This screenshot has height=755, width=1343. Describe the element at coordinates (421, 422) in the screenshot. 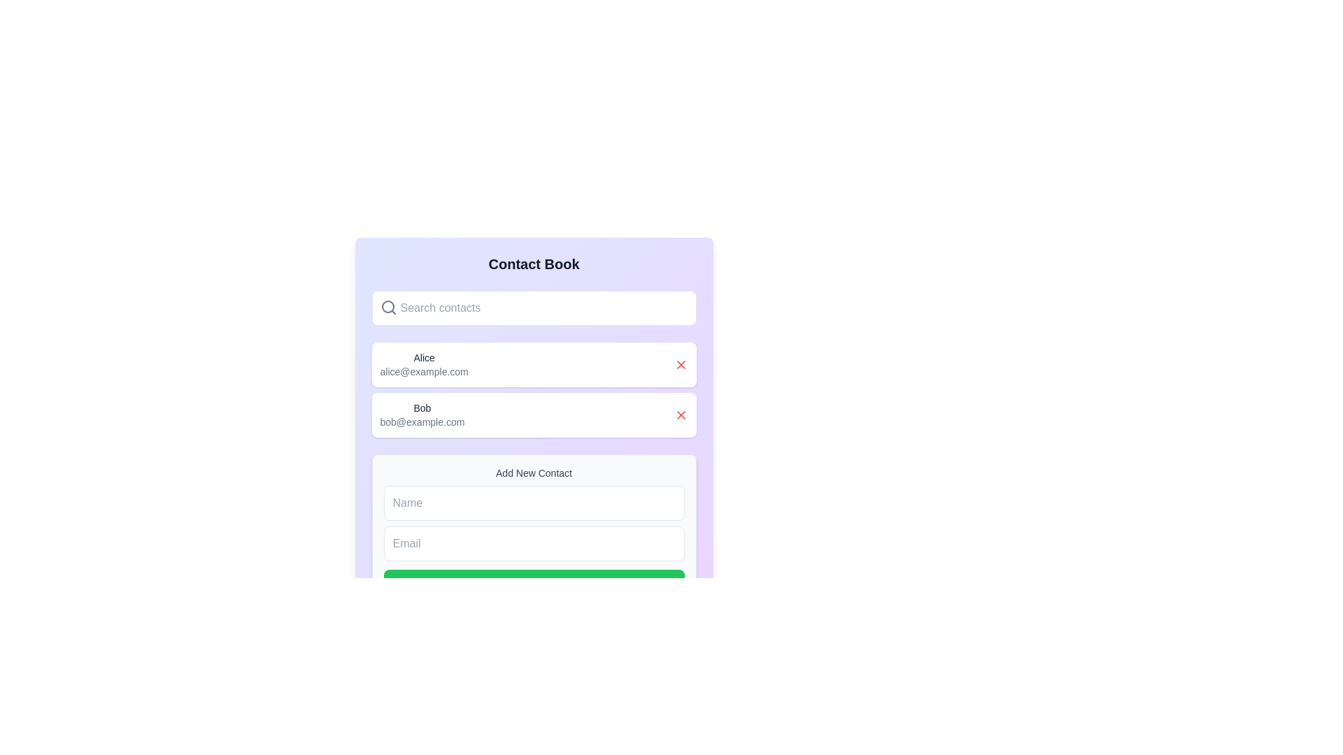

I see `the text display showing the email address 'bob@example.com' in the 'Contact Book' interface, which is positioned below the name 'Bob.'` at that location.